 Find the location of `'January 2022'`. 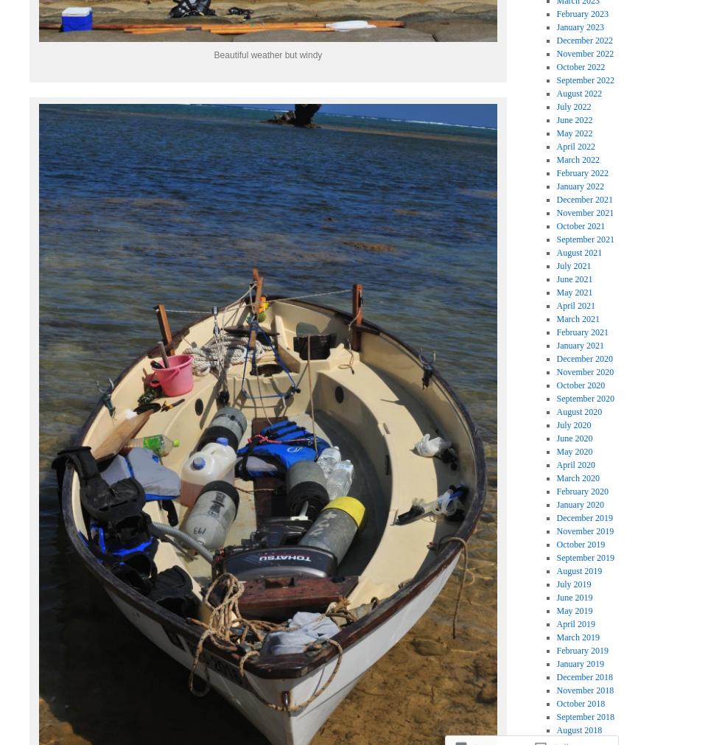

'January 2022' is located at coordinates (555, 186).